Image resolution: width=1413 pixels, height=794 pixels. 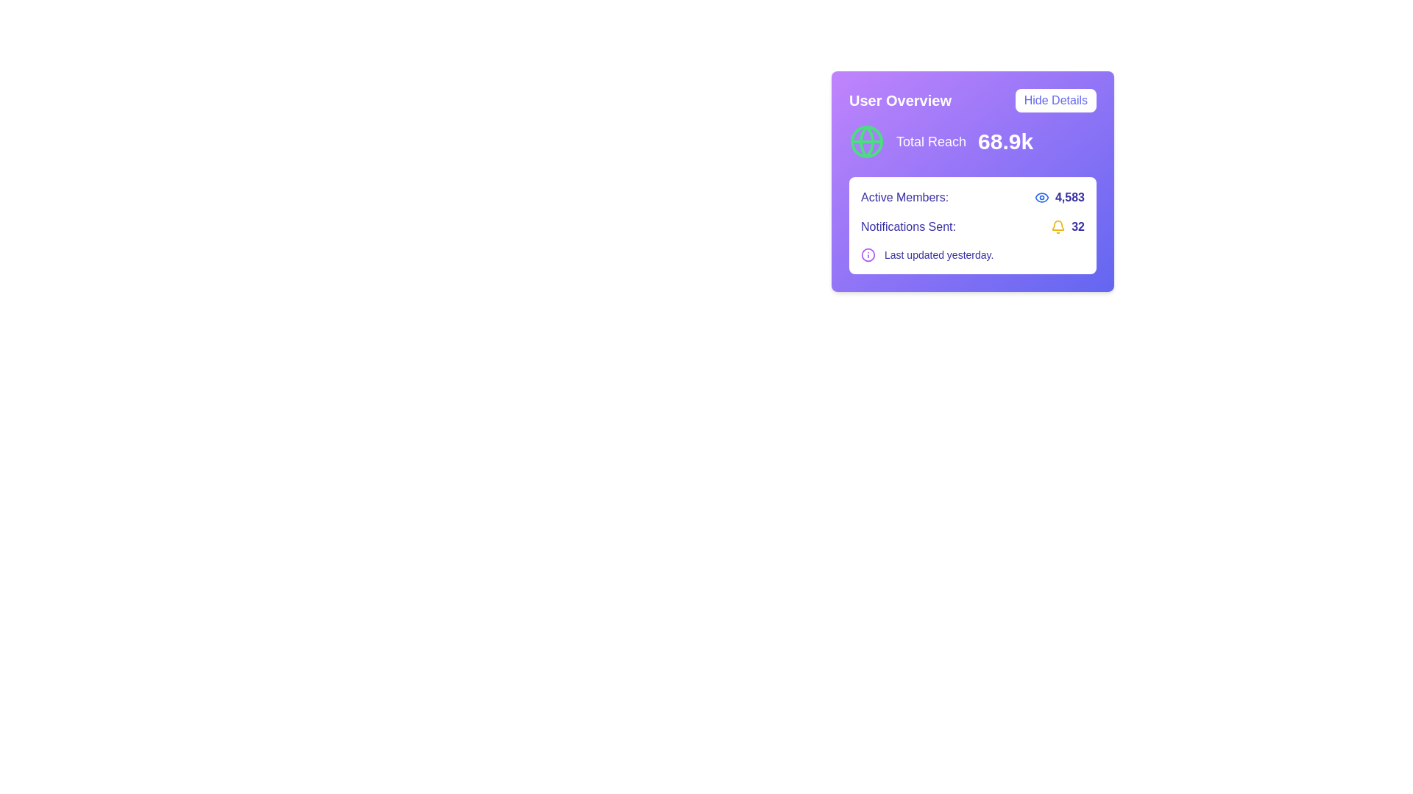 I want to click on the circular element that serves as the outermost part of the informational icon located in the top-right corner of the purple 'User Overview' card, so click(x=868, y=254).